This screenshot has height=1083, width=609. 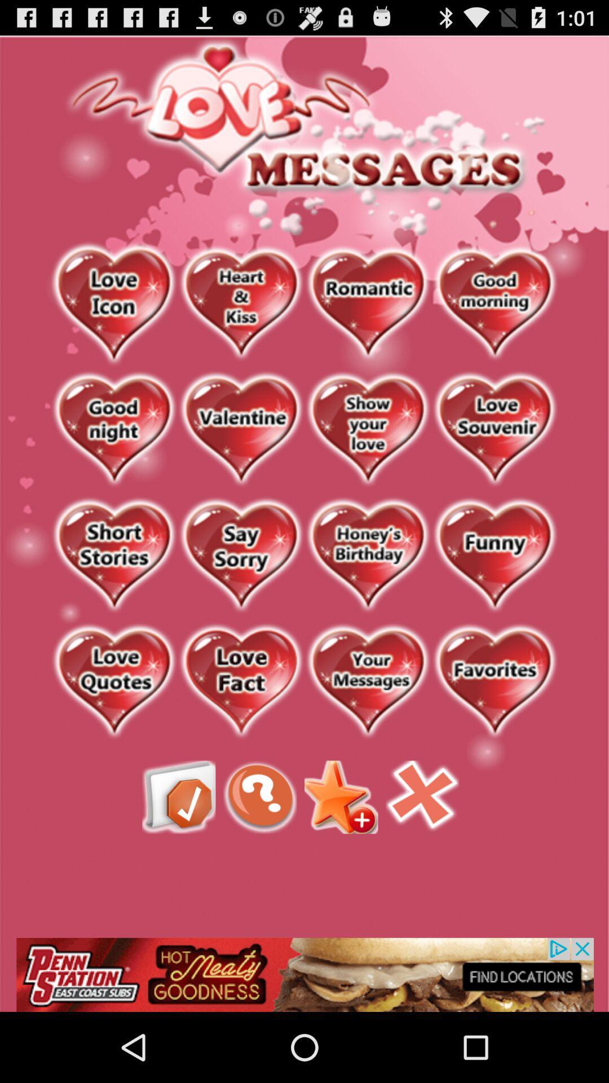 I want to click on open funny love messages, so click(x=494, y=556).